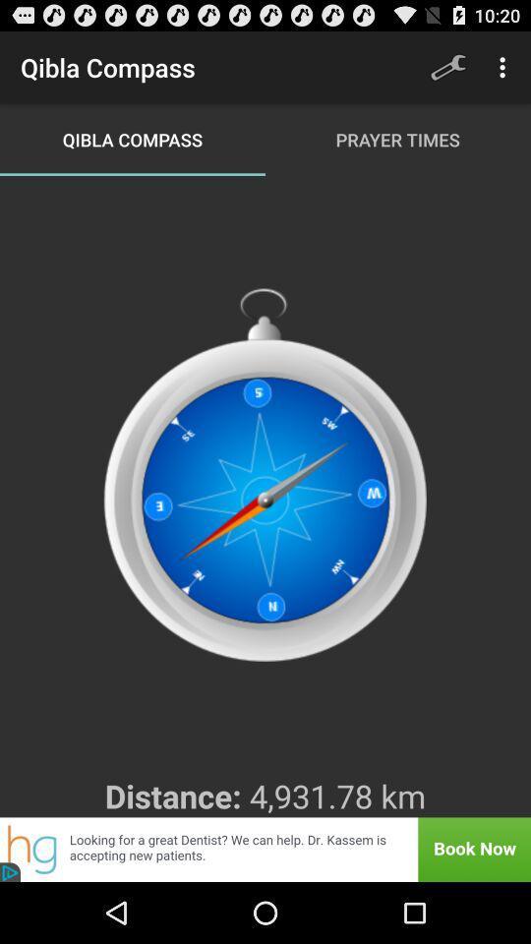 The image size is (531, 944). What do you see at coordinates (447, 67) in the screenshot?
I see `app next to qibla compass item` at bounding box center [447, 67].